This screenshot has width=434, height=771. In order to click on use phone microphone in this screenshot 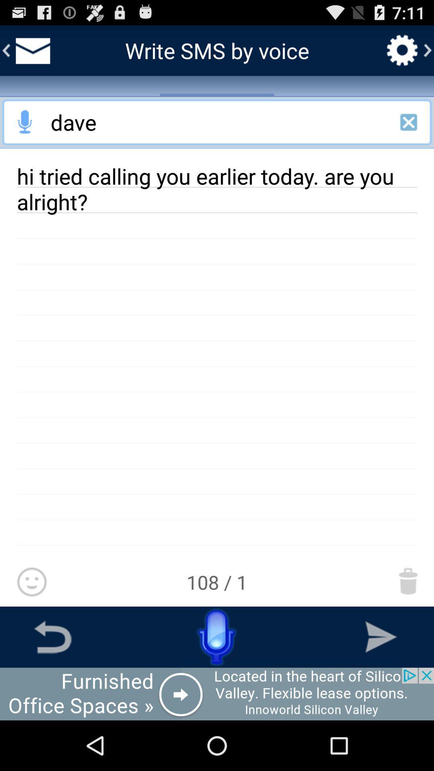, I will do `click(217, 636)`.